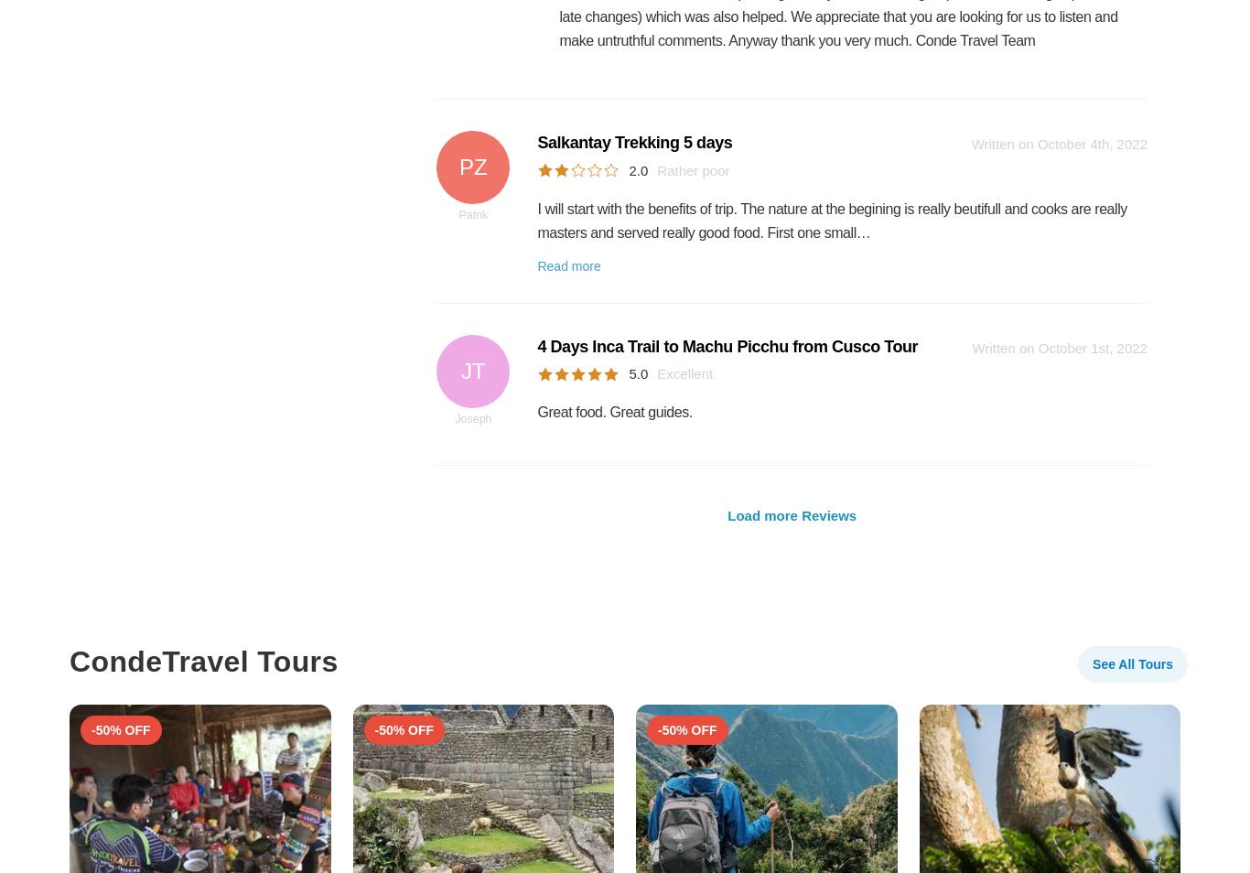  What do you see at coordinates (473, 370) in the screenshot?
I see `'JT'` at bounding box center [473, 370].